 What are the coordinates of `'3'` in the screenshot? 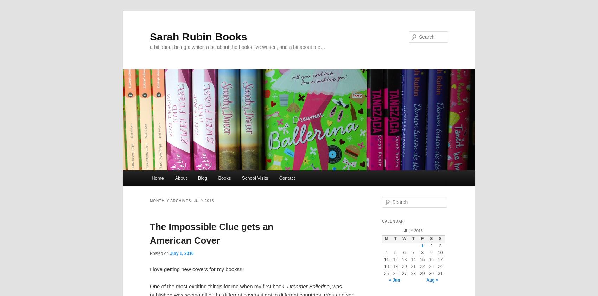 It's located at (440, 246).